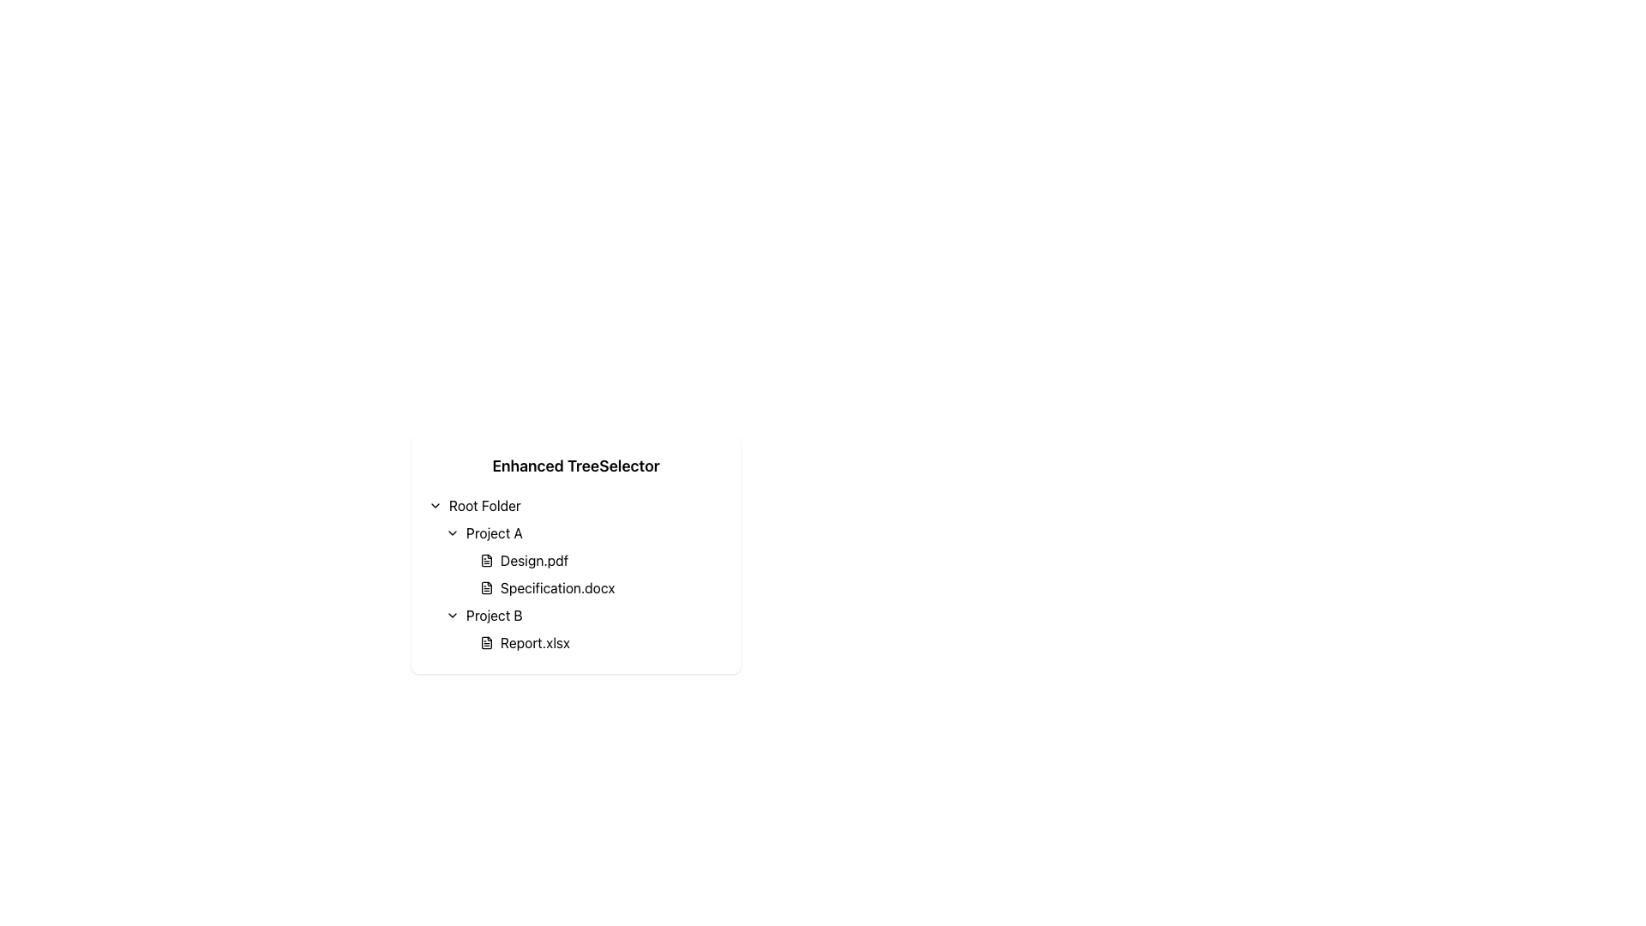 This screenshot has width=1646, height=926. What do you see at coordinates (534, 642) in the screenshot?
I see `the text label representing the file 'Report.xlsx' within the 'Project B' section of the 'Enhanced TreeSelector' interface` at bounding box center [534, 642].